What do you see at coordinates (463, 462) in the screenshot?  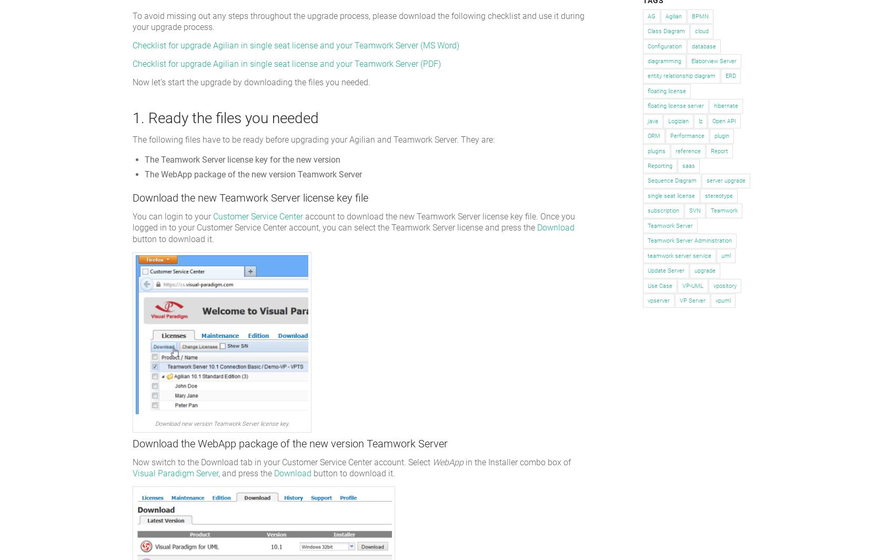 I see `'in the Installer combo box of'` at bounding box center [463, 462].